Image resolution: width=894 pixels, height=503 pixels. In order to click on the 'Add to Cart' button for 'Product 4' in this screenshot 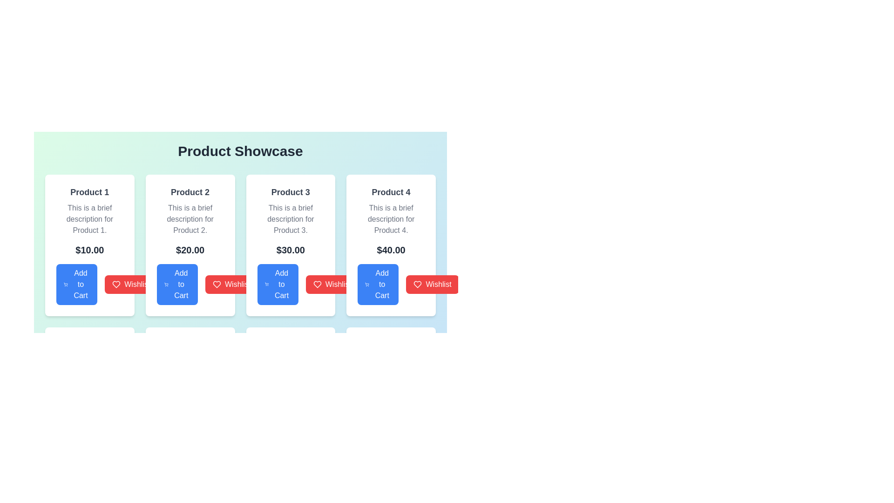, I will do `click(391, 284)`.